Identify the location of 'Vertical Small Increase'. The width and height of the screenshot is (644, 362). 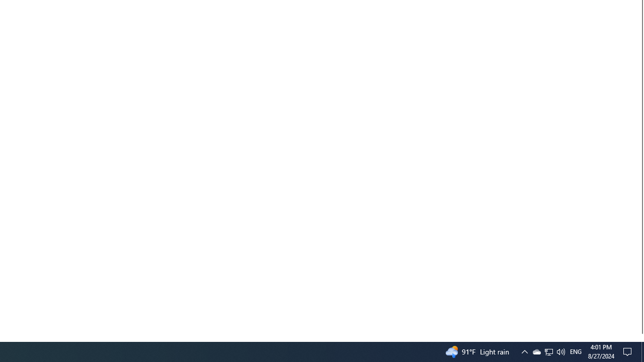
(639, 337).